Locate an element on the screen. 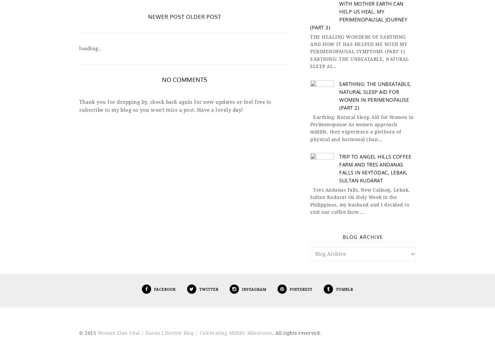  'Earthing: The Unbeatable, Natural Sleep Aid for Women in Perimenopause (Part 2)' is located at coordinates (375, 95).